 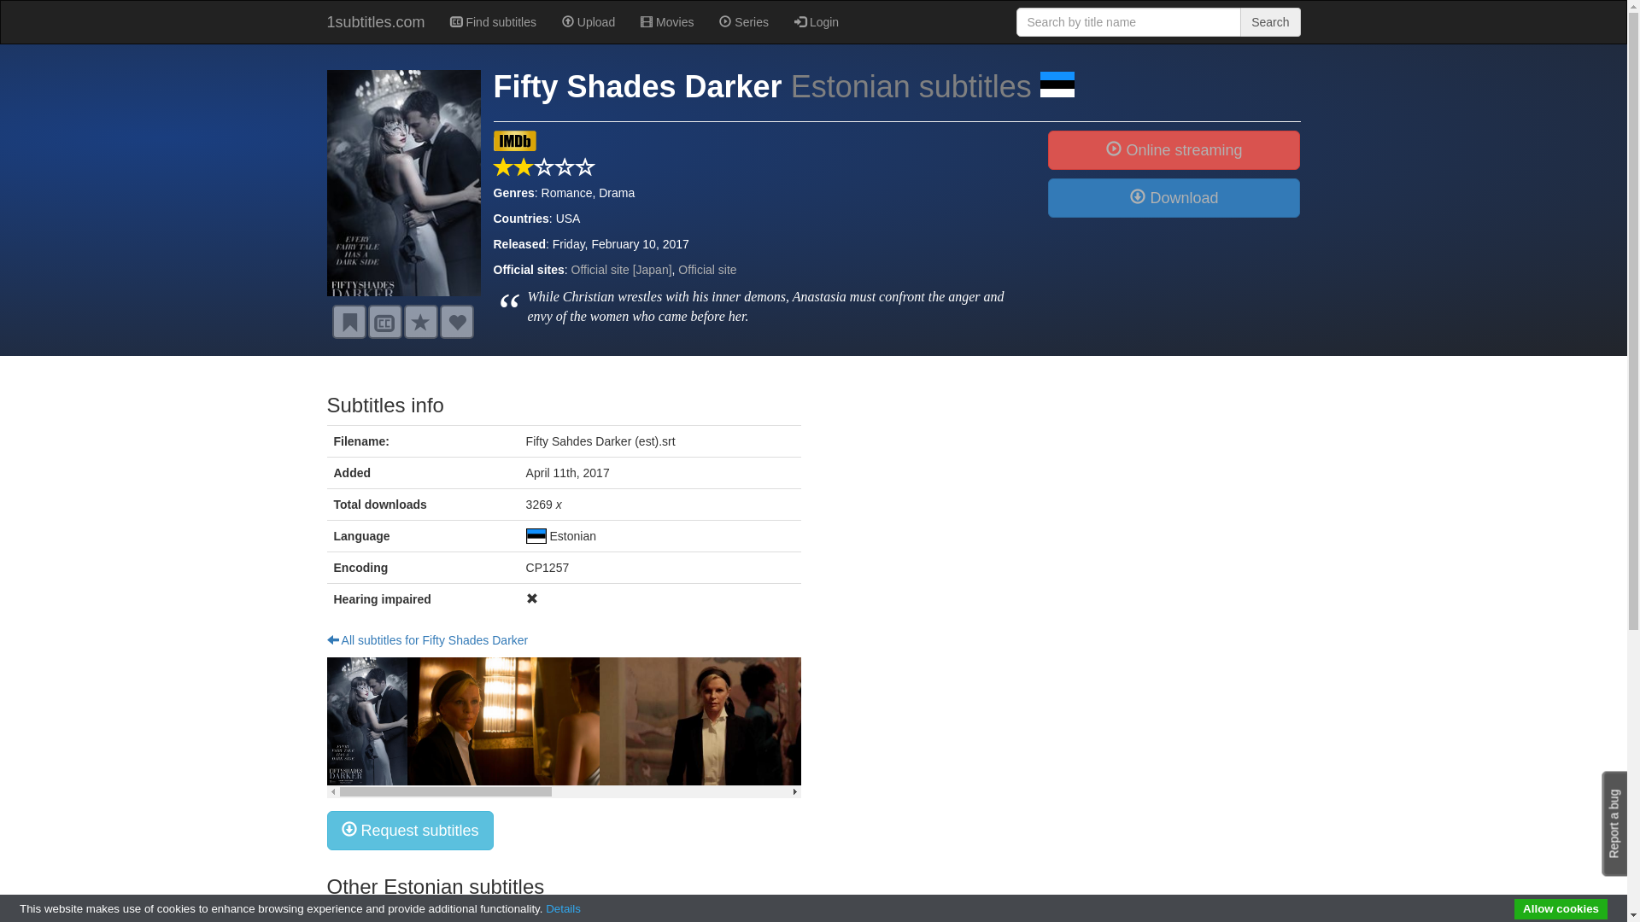 I want to click on 'Rate it!', so click(x=419, y=322).